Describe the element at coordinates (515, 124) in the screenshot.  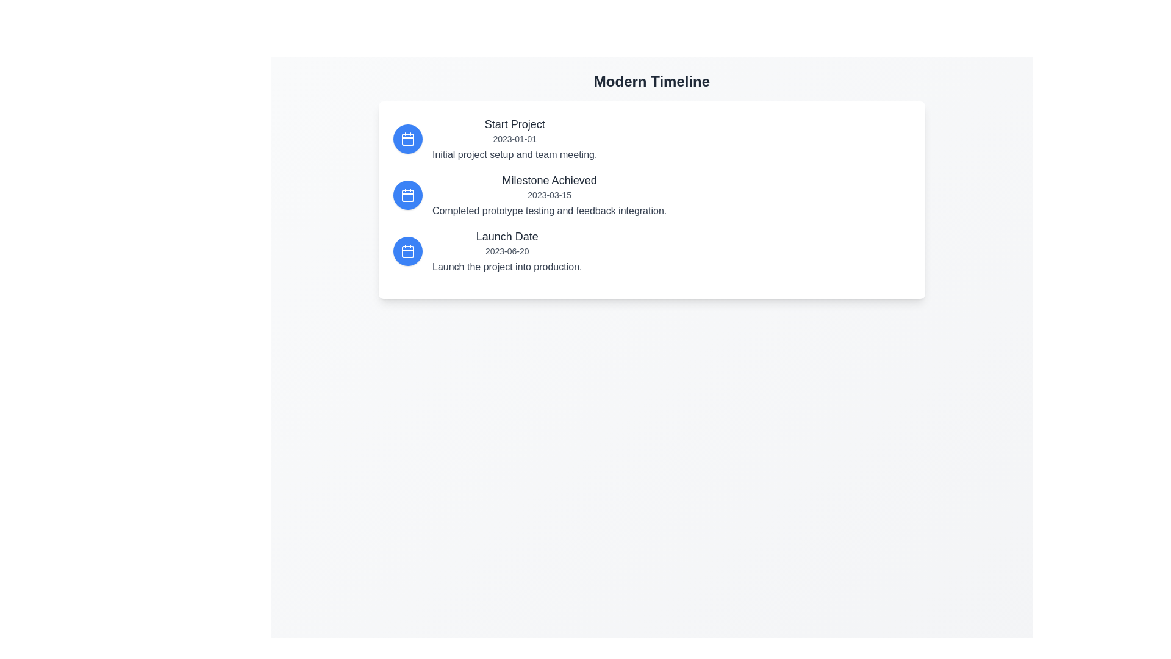
I see `text label indicating the topic of the first timeline entry under the 'Modern Timeline' header, located to the right of a blue calendar icon` at that location.